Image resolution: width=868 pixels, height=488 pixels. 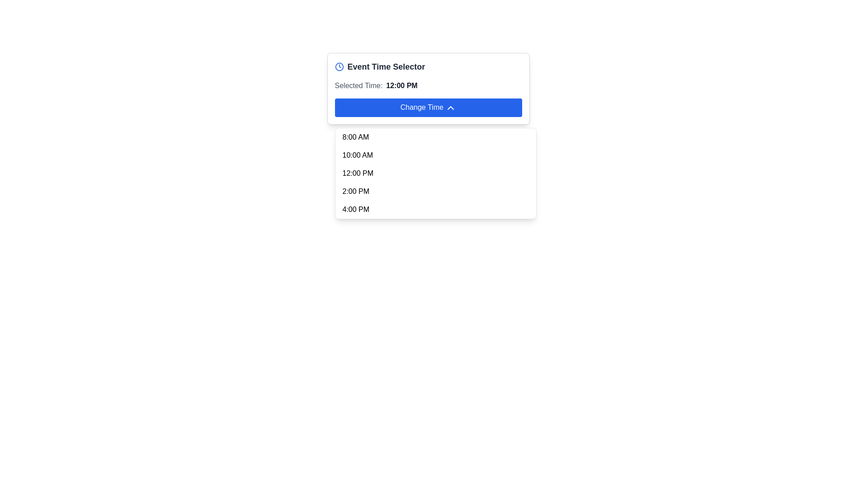 I want to click on the fourth time option in the time selection dropdown menu, so click(x=435, y=191).